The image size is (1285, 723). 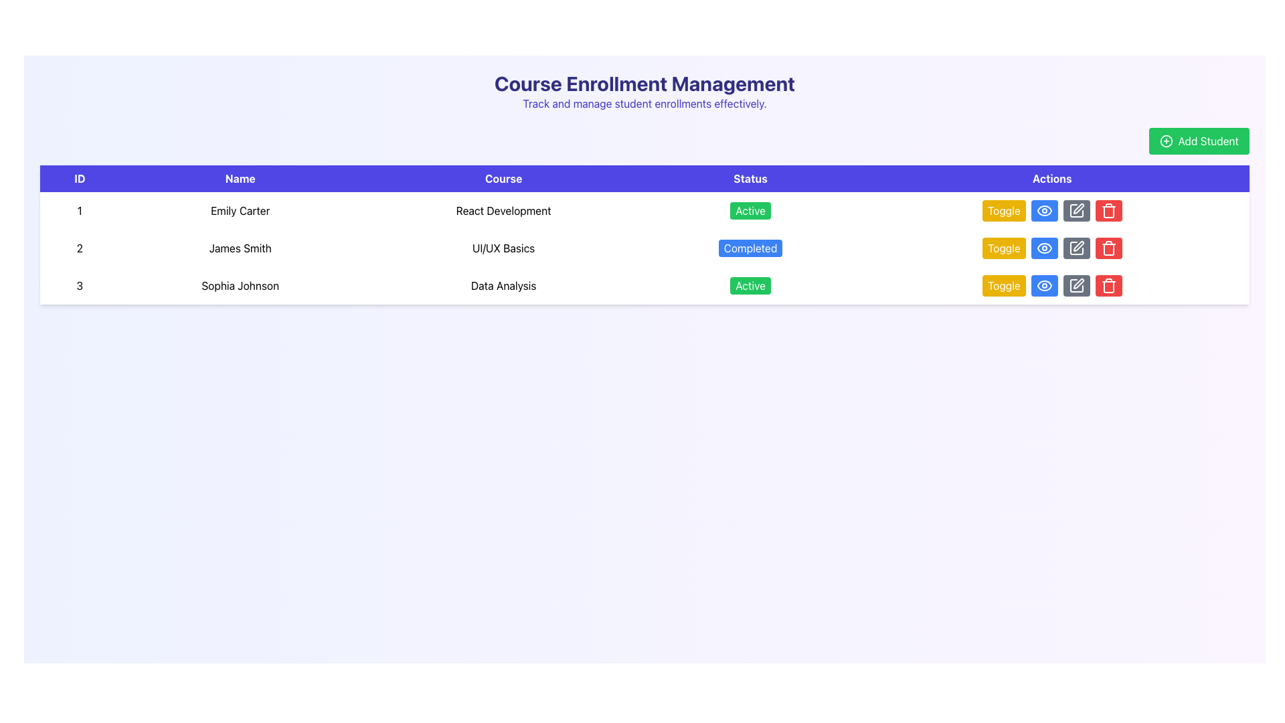 I want to click on the delete icon button in the 'Actions' column corresponding to 'Sophia Johnson', so click(x=1108, y=248).